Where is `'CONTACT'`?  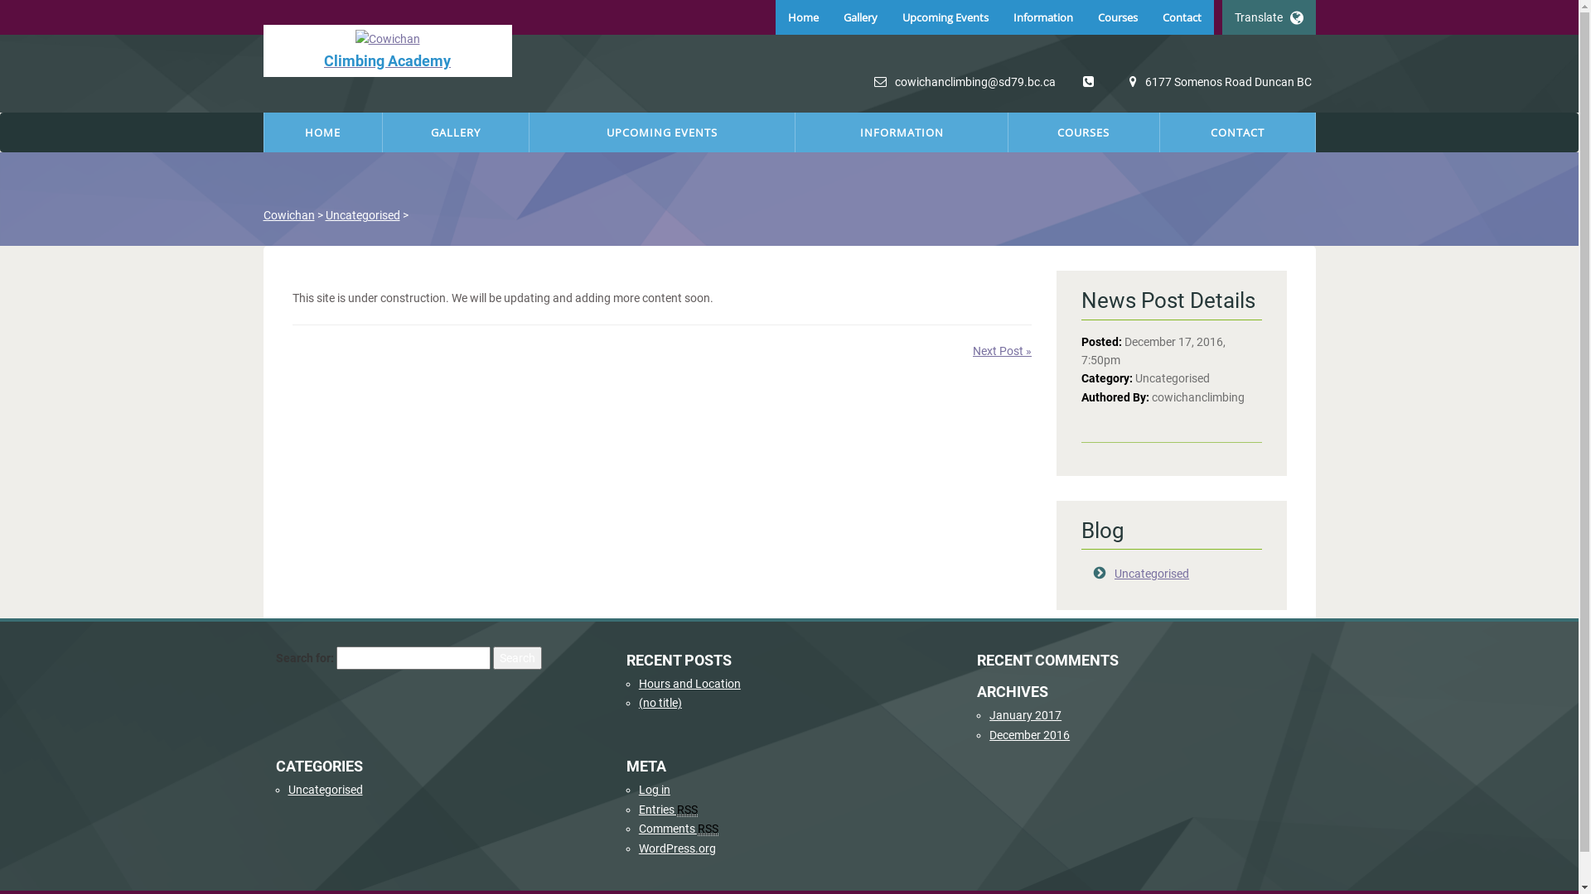
'CONTACT' is located at coordinates (1237, 131).